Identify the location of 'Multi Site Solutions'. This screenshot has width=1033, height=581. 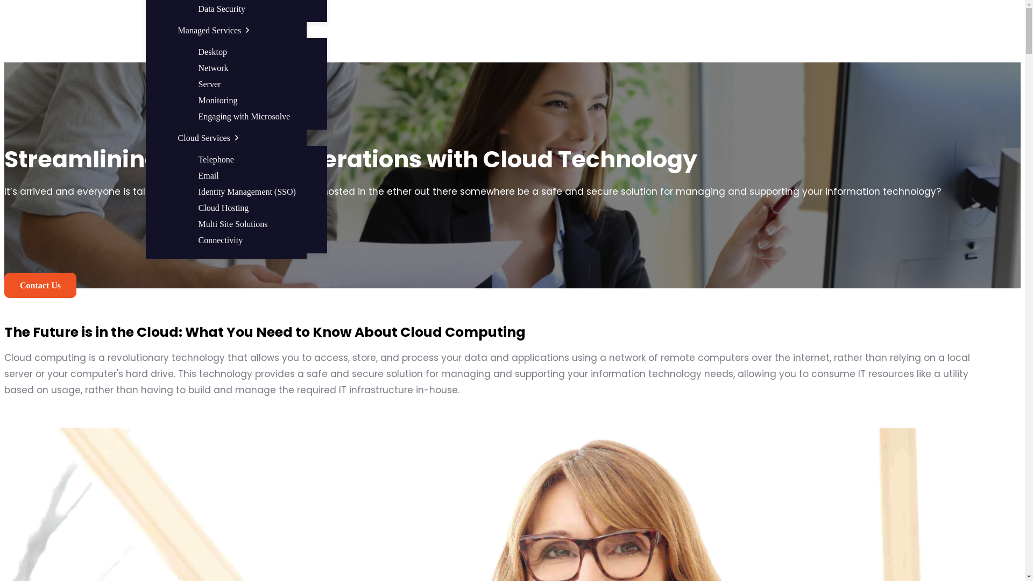
(232, 223).